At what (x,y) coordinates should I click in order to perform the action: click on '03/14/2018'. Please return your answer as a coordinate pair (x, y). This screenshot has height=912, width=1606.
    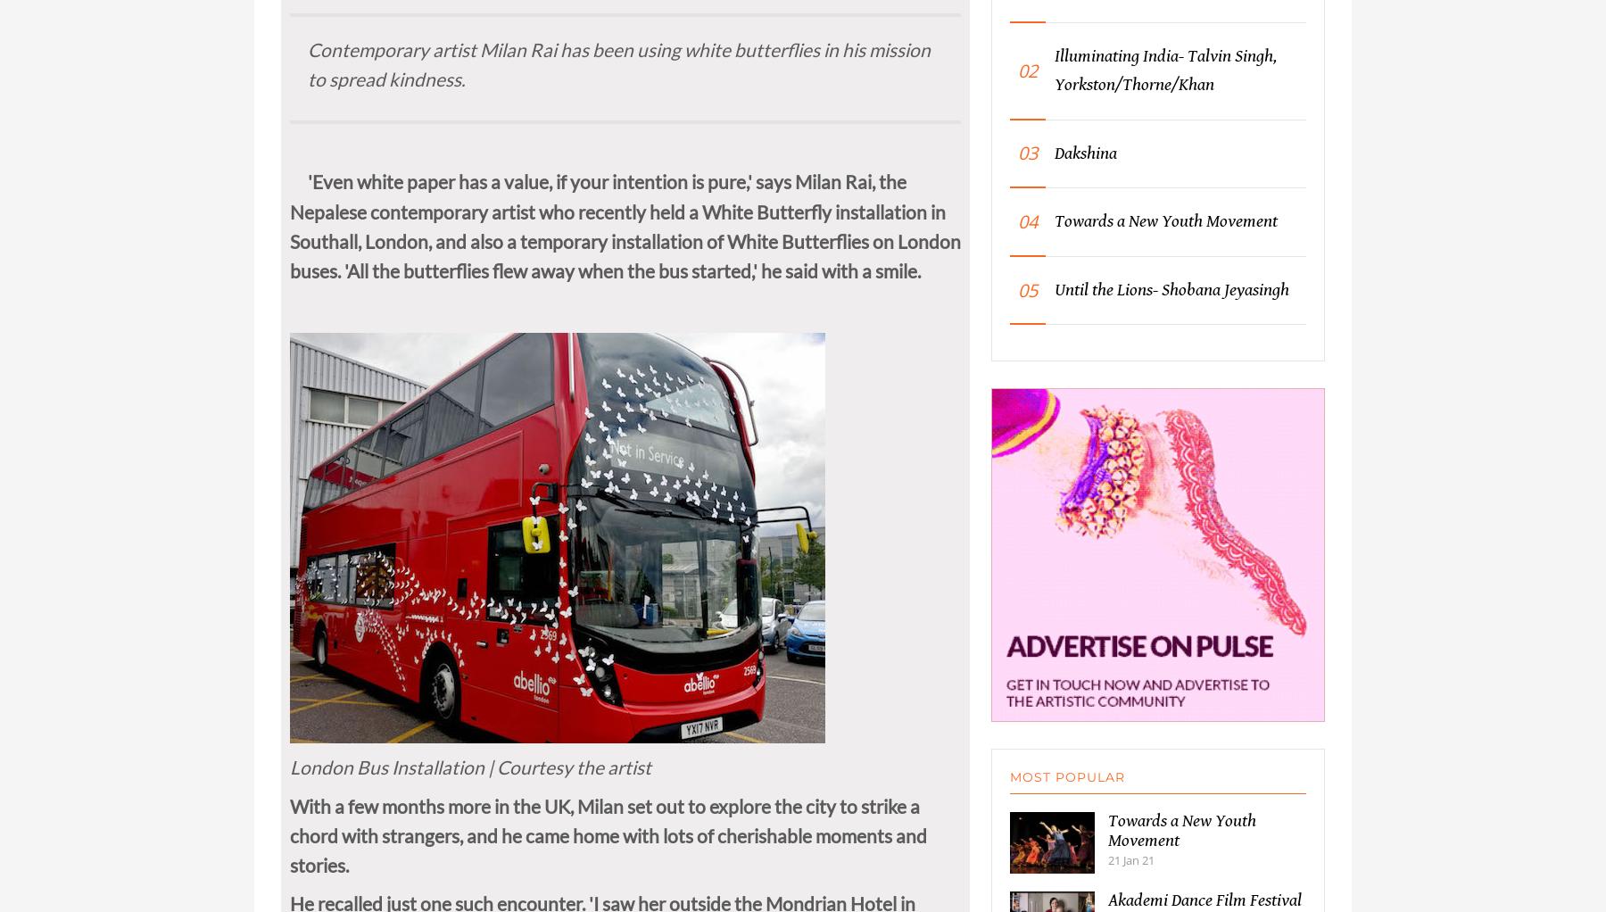
    Looking at the image, I should click on (319, 9).